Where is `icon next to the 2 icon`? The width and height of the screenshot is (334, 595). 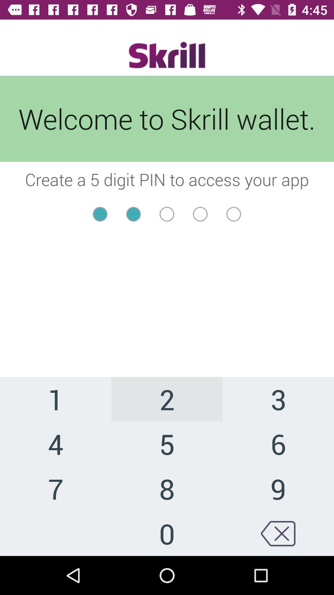 icon next to the 2 icon is located at coordinates (278, 443).